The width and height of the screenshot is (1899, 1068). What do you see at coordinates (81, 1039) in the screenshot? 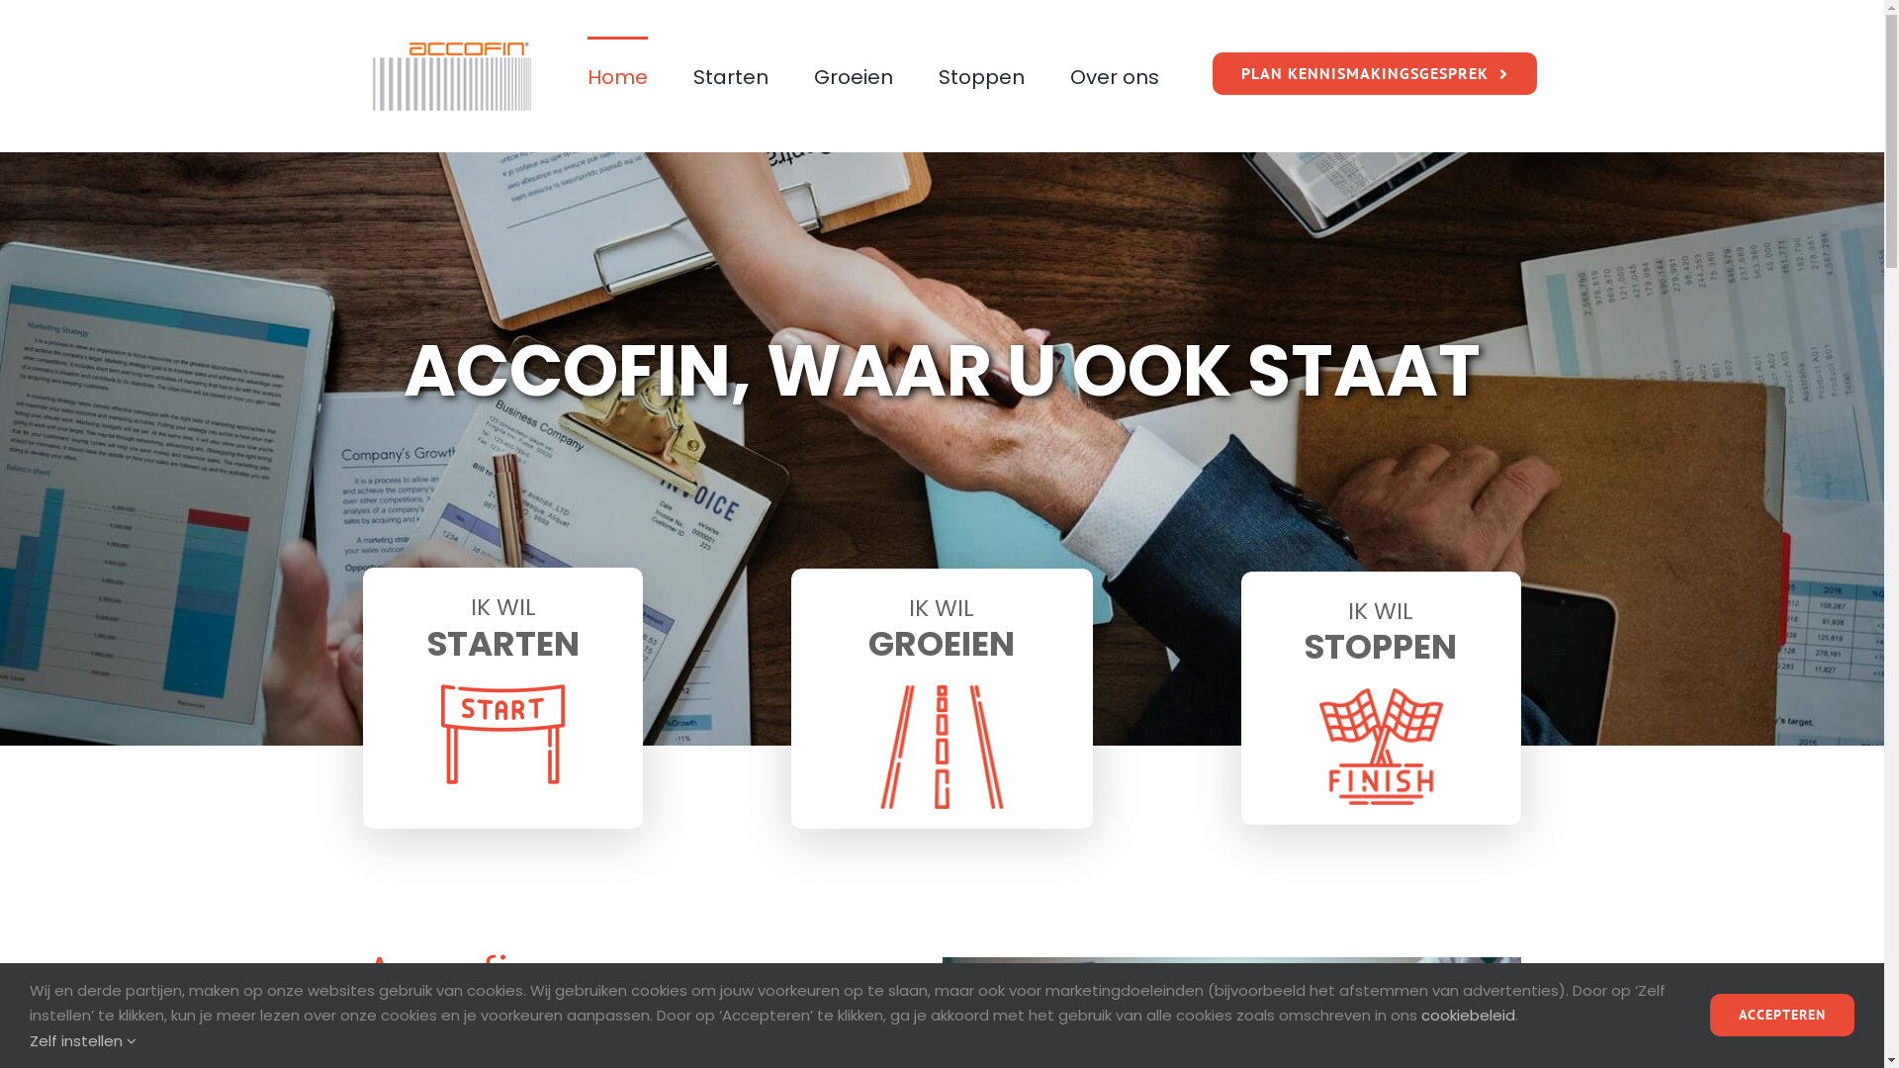
I see `'Zelf instellen'` at bounding box center [81, 1039].